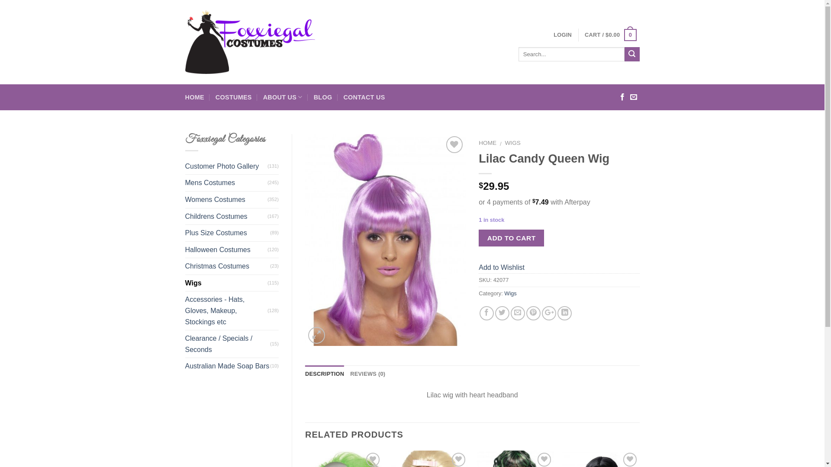 The image size is (831, 467). I want to click on 'Wigs', so click(504, 293).